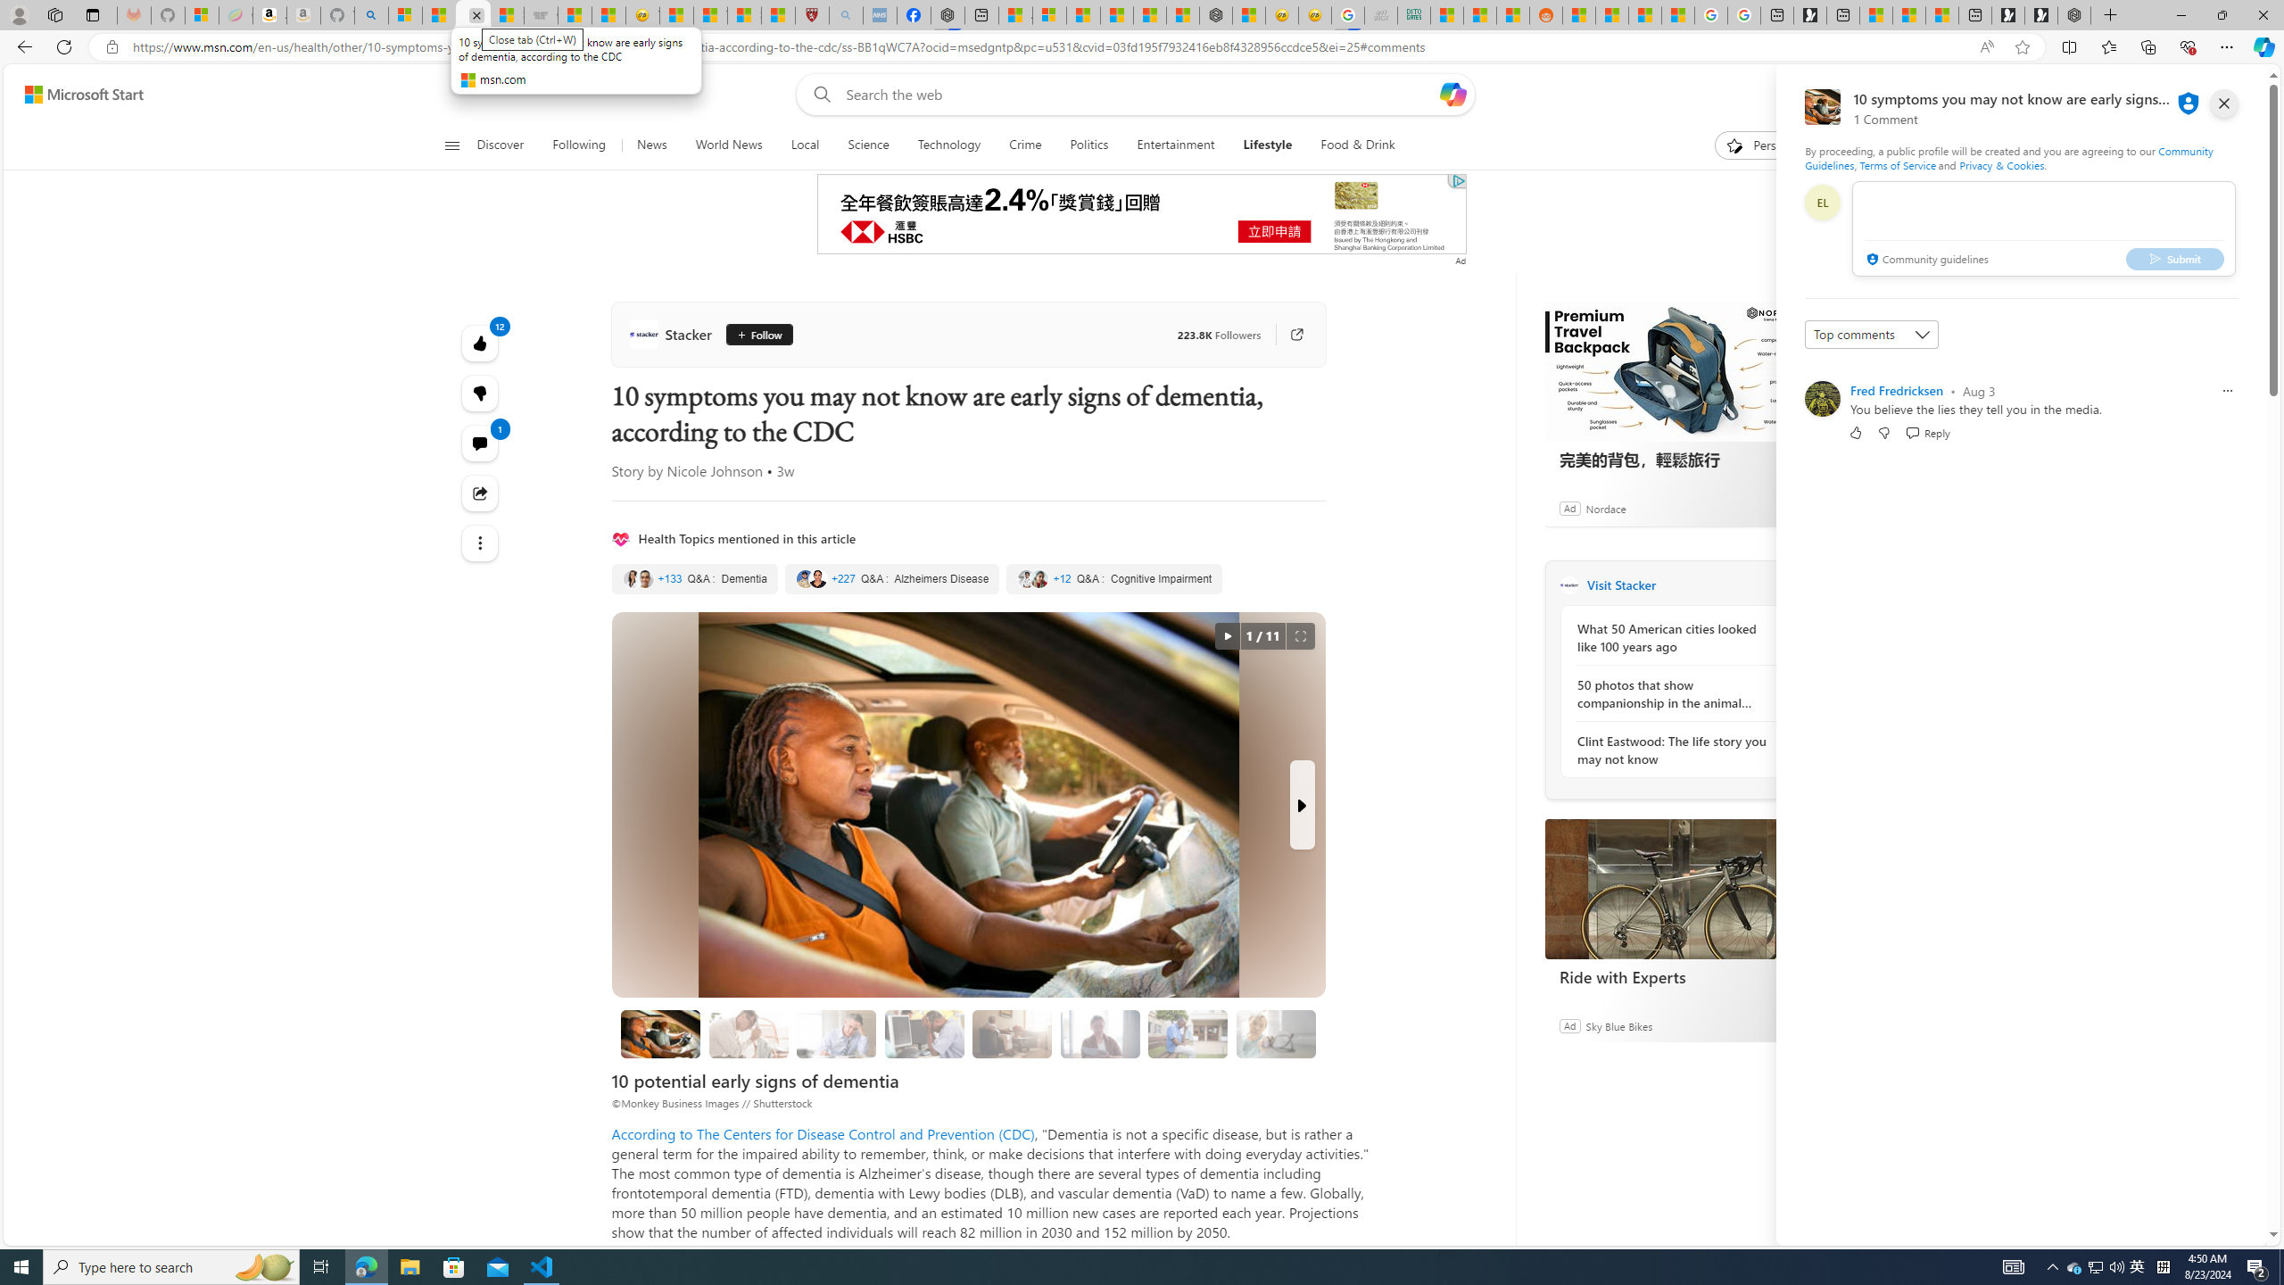 This screenshot has height=1285, width=2284. Describe the element at coordinates (451, 144) in the screenshot. I see `'Open navigation menu'` at that location.